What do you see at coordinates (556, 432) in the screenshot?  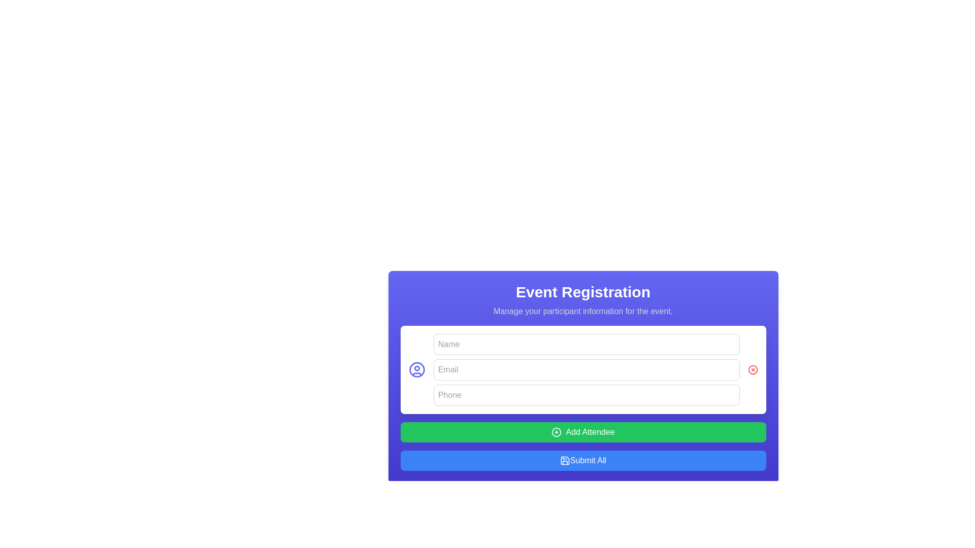 I see `the circular '+' icon with a green background and white stroke located to the left of the 'Add Attendee' text in the Event Registration form` at bounding box center [556, 432].